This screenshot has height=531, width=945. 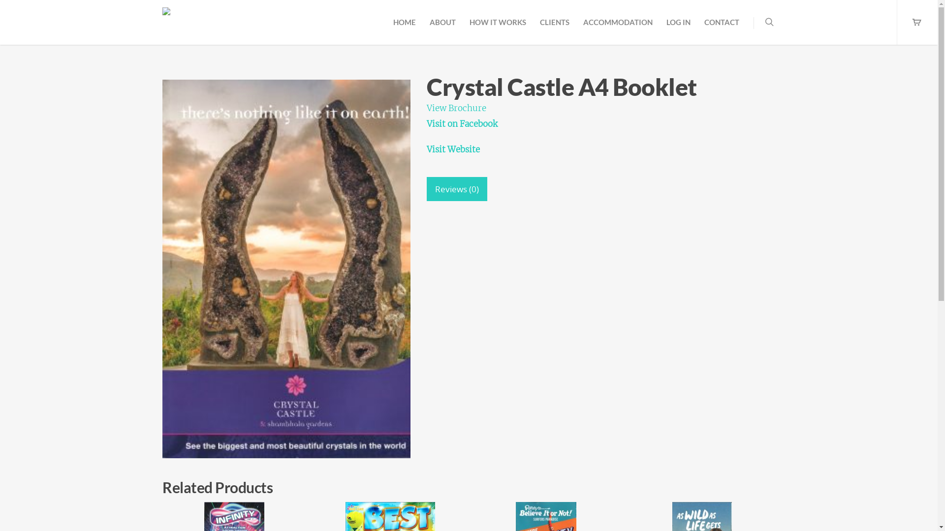 What do you see at coordinates (434, 189) in the screenshot?
I see `'Reviews (0)'` at bounding box center [434, 189].